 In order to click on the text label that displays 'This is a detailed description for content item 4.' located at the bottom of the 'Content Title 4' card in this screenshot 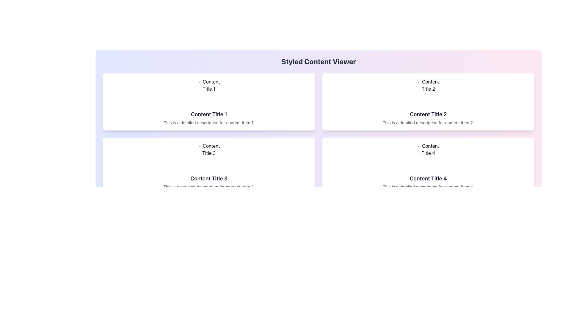, I will do `click(428, 186)`.